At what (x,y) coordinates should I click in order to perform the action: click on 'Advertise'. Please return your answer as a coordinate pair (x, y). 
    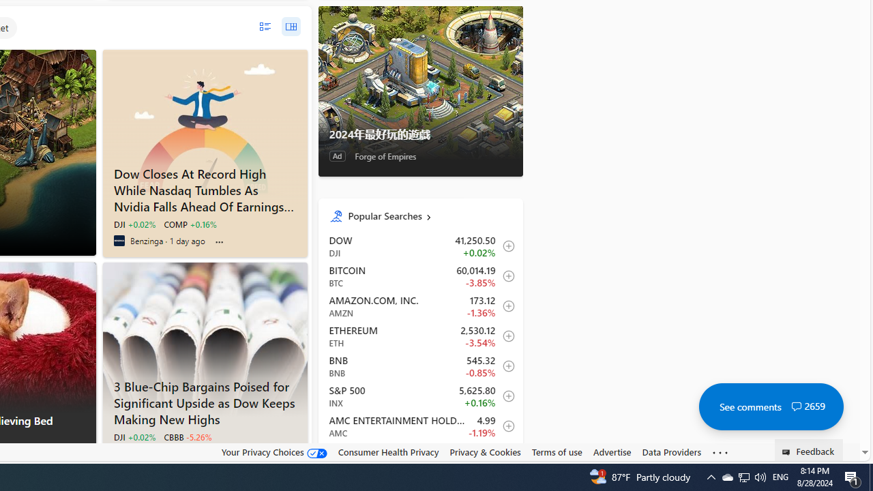
    Looking at the image, I should click on (611, 451).